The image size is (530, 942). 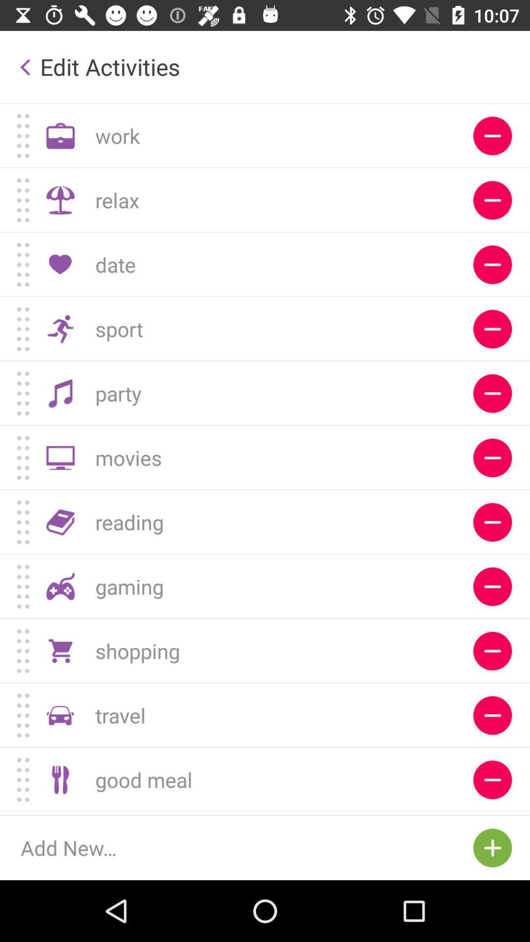 What do you see at coordinates (492, 779) in the screenshot?
I see `edit button which is next to good meal` at bounding box center [492, 779].